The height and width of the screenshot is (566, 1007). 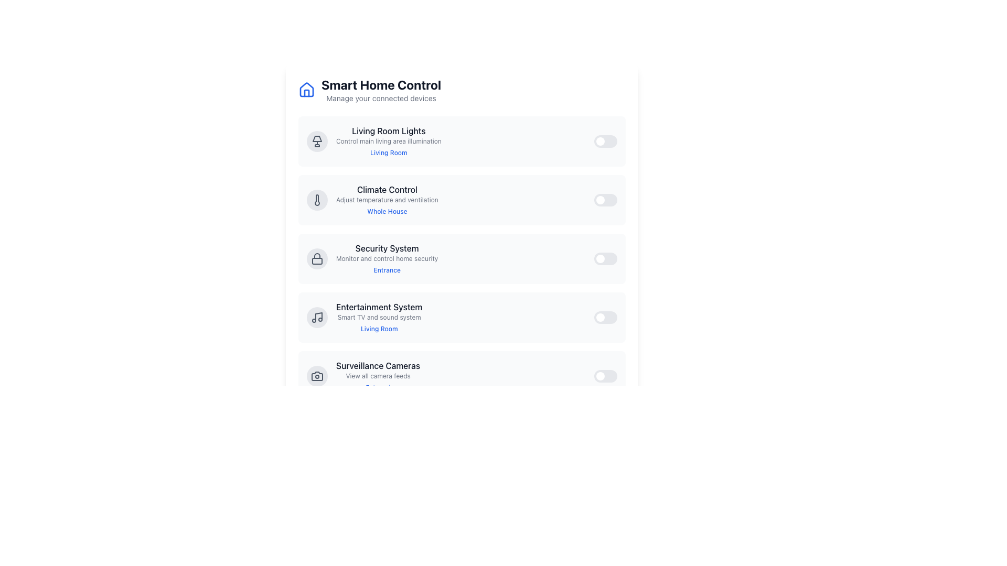 I want to click on the circular button with a light gray background and a music note icon, which is located to the left of the 'Entertainment System' text in the fourth list item, so click(x=316, y=317).